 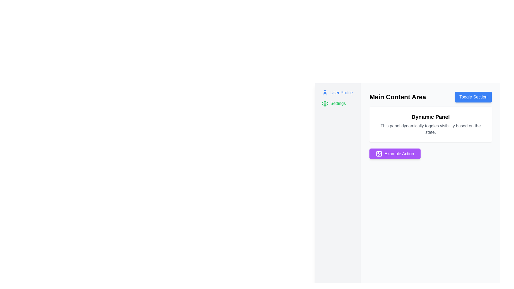 I want to click on the gear icon indicating settings, which is the second item in the vertical list of options on the left-hand panel, so click(x=325, y=103).